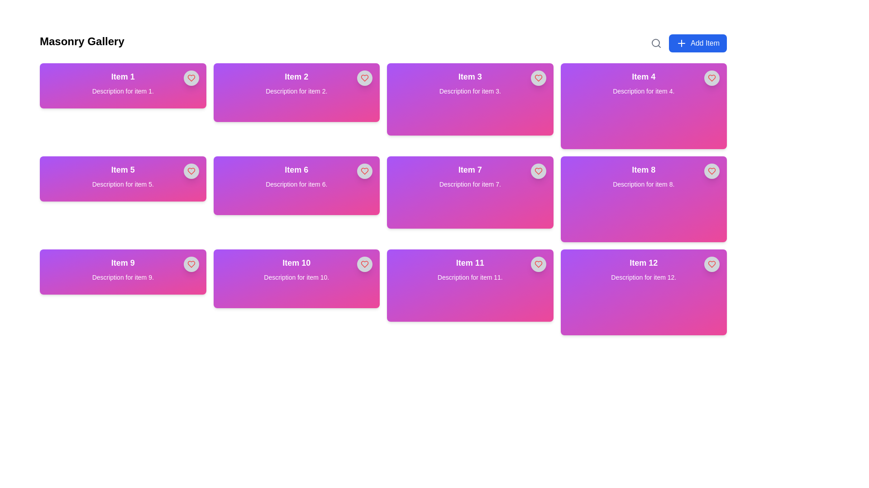 This screenshot has height=488, width=869. What do you see at coordinates (711, 264) in the screenshot?
I see `the heart icon in the top-right corner of the box titled 'Item 12', which represents a 'like' or 'favorite' action for this specific item` at bounding box center [711, 264].